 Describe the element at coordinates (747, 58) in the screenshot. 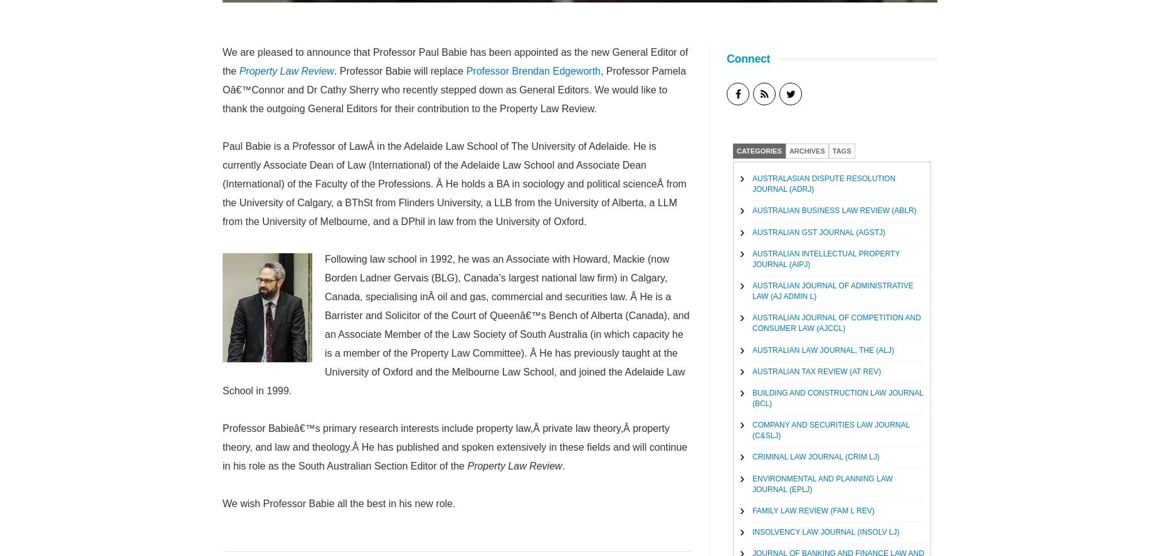

I see `'Connect'` at that location.